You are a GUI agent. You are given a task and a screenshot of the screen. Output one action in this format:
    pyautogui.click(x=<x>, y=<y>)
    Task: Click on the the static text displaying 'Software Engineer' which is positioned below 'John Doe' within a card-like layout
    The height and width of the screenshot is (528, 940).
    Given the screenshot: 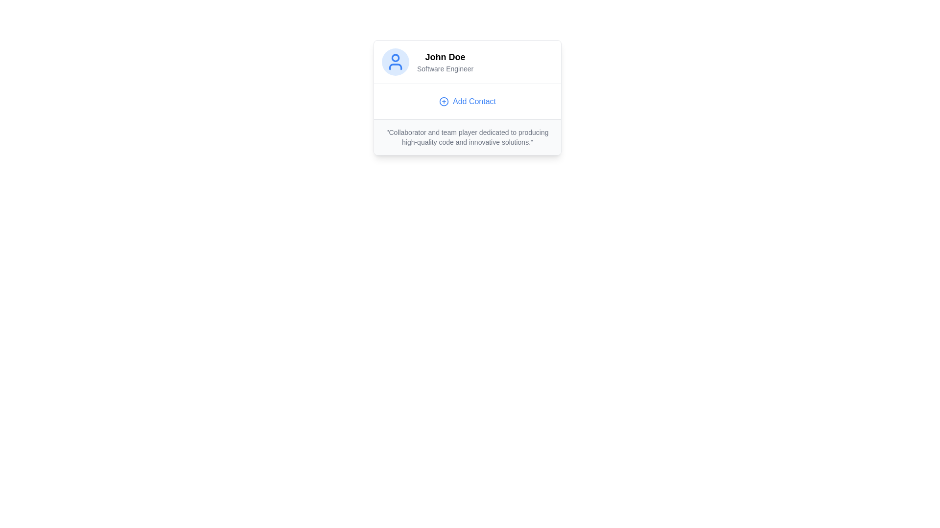 What is the action you would take?
    pyautogui.click(x=445, y=68)
    